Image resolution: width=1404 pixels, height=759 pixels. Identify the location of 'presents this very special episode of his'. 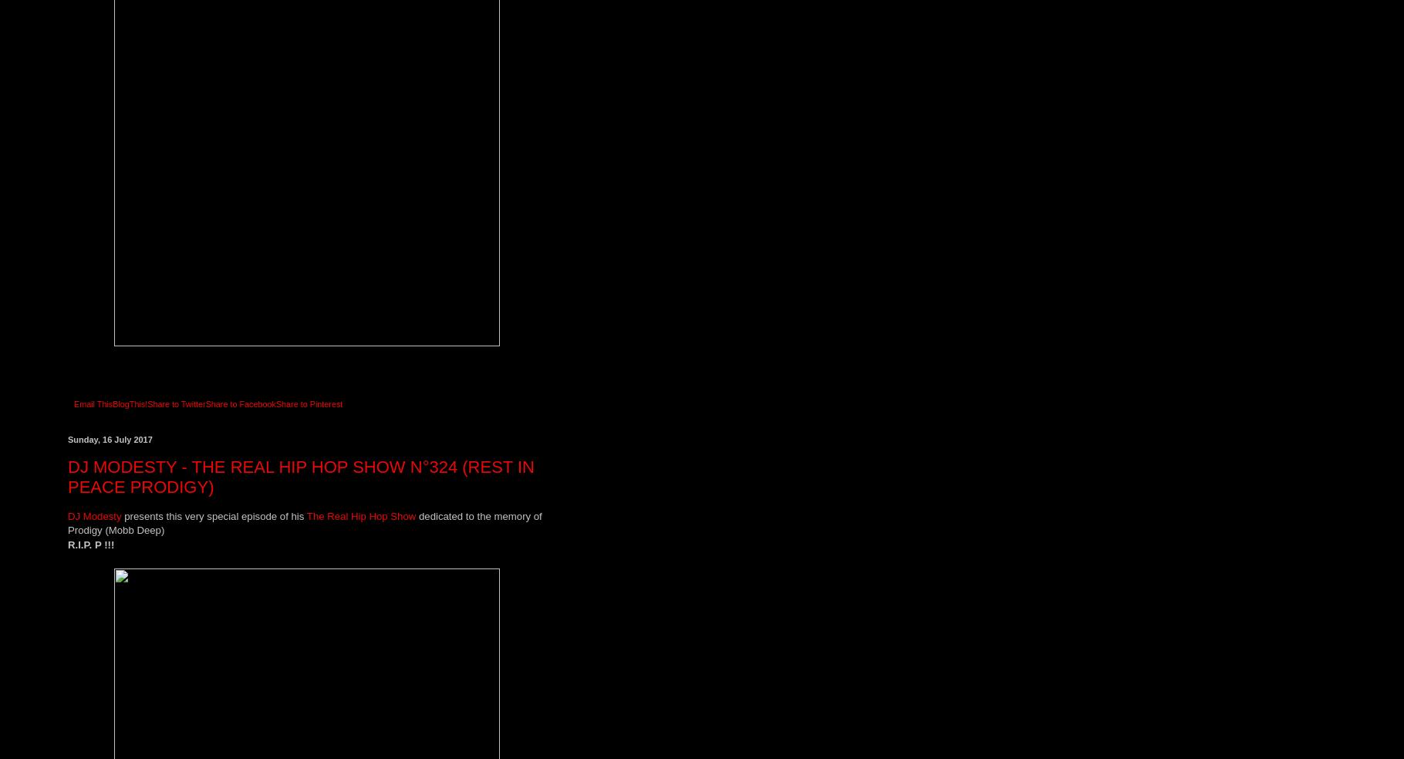
(214, 515).